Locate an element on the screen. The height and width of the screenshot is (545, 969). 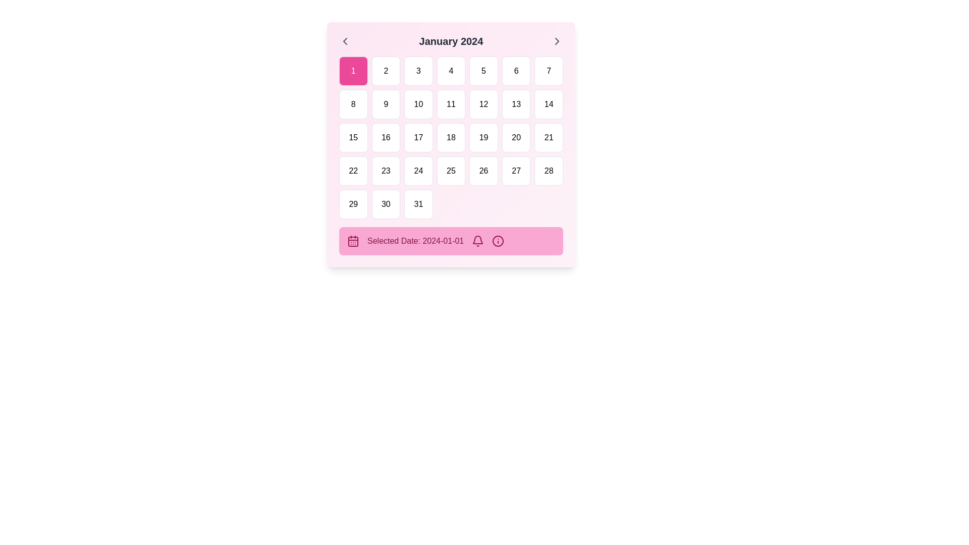
the highlighted button in the Date Picker Grid representing a day in January 2024 is located at coordinates (450, 138).